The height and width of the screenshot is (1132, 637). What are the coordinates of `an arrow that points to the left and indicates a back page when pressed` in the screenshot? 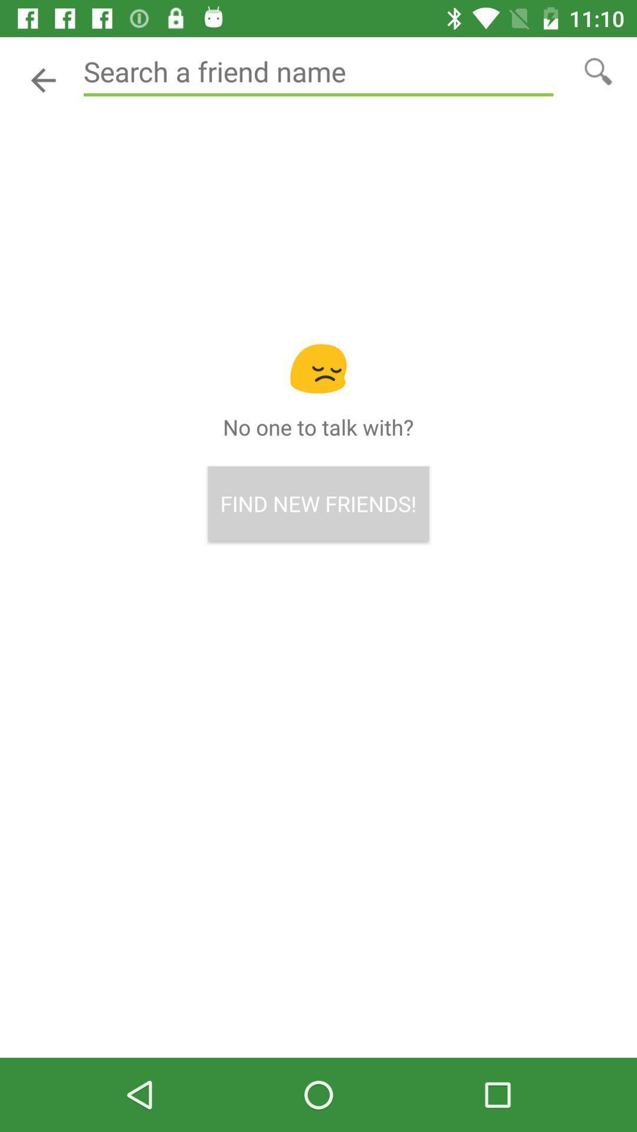 It's located at (42, 80).